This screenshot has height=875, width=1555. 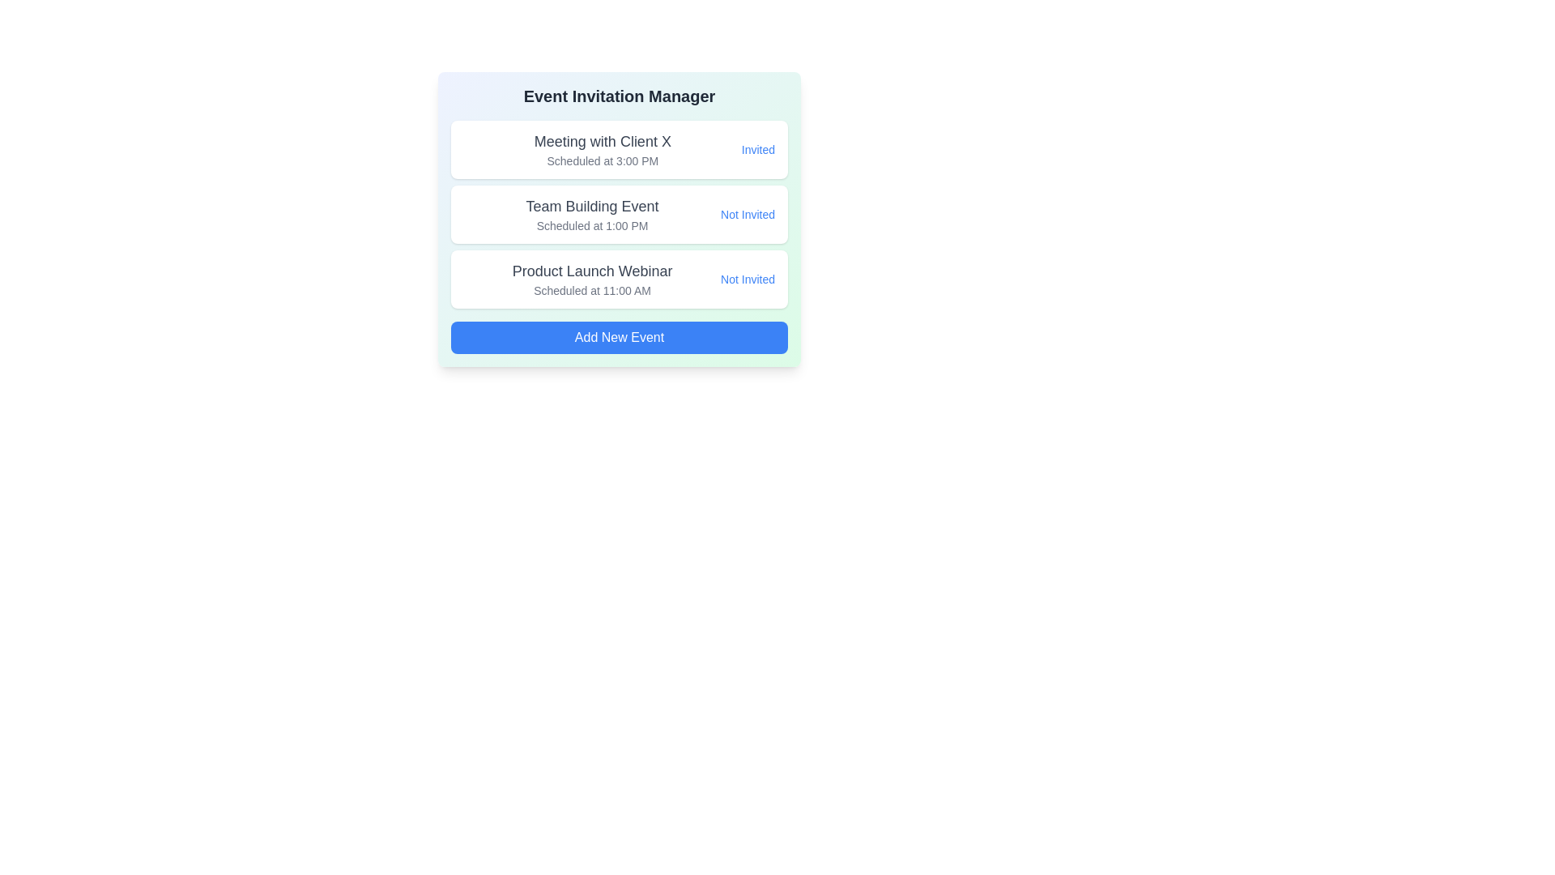 What do you see at coordinates (618, 336) in the screenshot?
I see `the 'Add New Event' button to initiate the process of adding a new event` at bounding box center [618, 336].